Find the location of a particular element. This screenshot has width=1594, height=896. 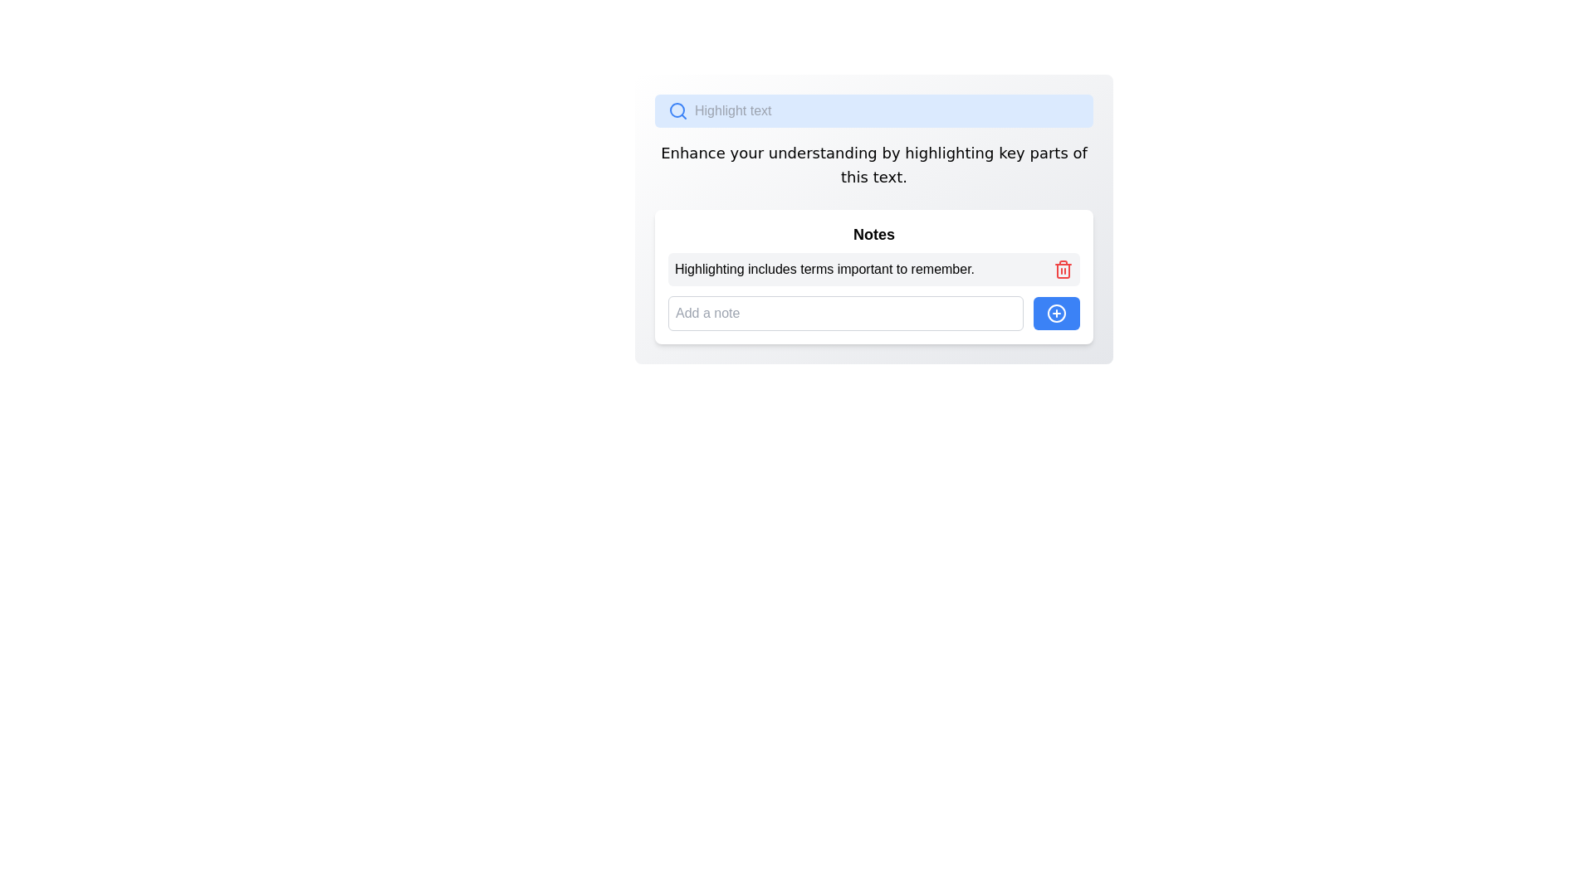

the sixth character in the word 'Enhance' which is part of a decorative text block, positioned near the center of the interface is located at coordinates (693, 153).